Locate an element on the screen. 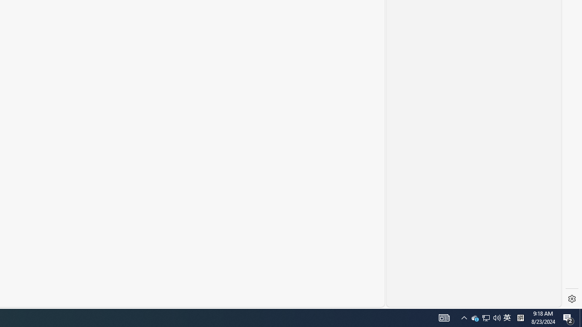 This screenshot has width=582, height=327. 'User Promoted Notification Area' is located at coordinates (464, 317).